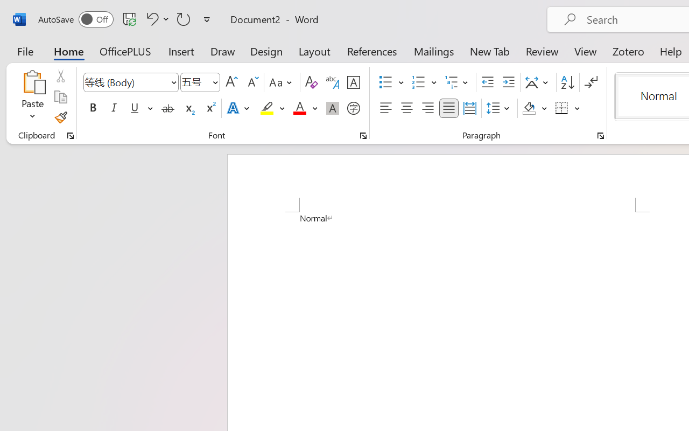  I want to click on 'Undo Apply Quick Style', so click(150, 18).